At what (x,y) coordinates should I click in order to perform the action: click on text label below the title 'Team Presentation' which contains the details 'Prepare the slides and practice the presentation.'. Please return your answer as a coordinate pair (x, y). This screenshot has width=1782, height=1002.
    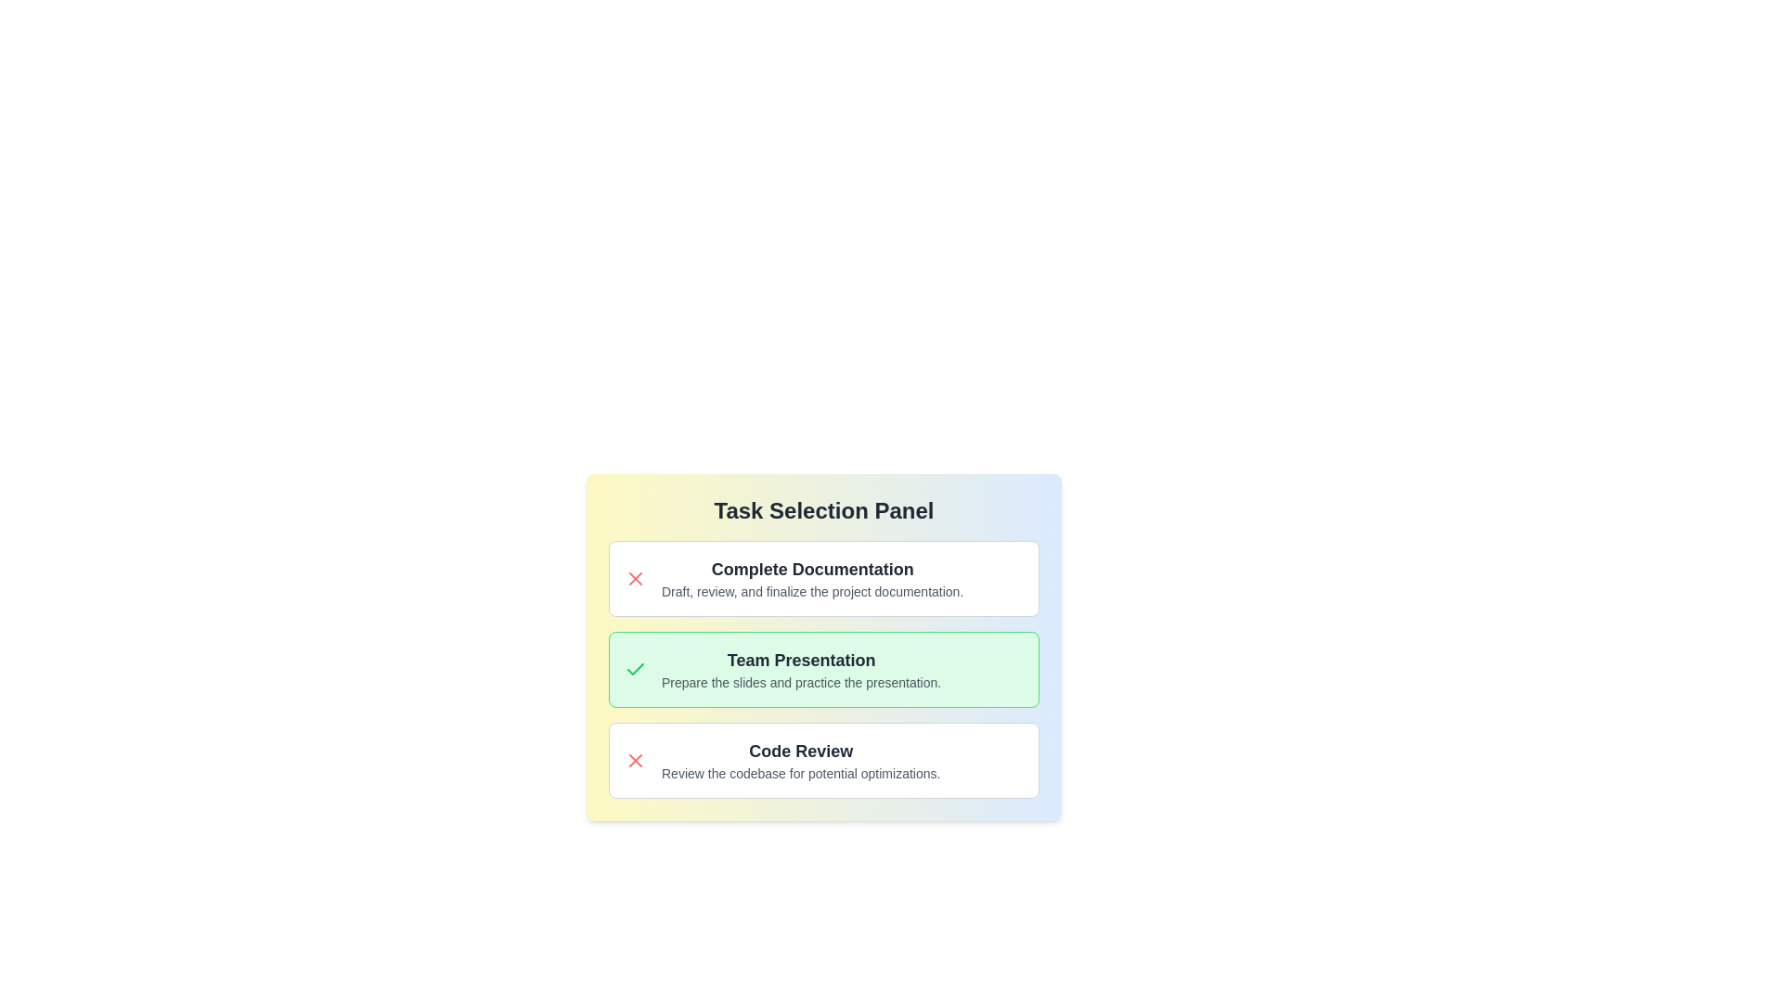
    Looking at the image, I should click on (801, 683).